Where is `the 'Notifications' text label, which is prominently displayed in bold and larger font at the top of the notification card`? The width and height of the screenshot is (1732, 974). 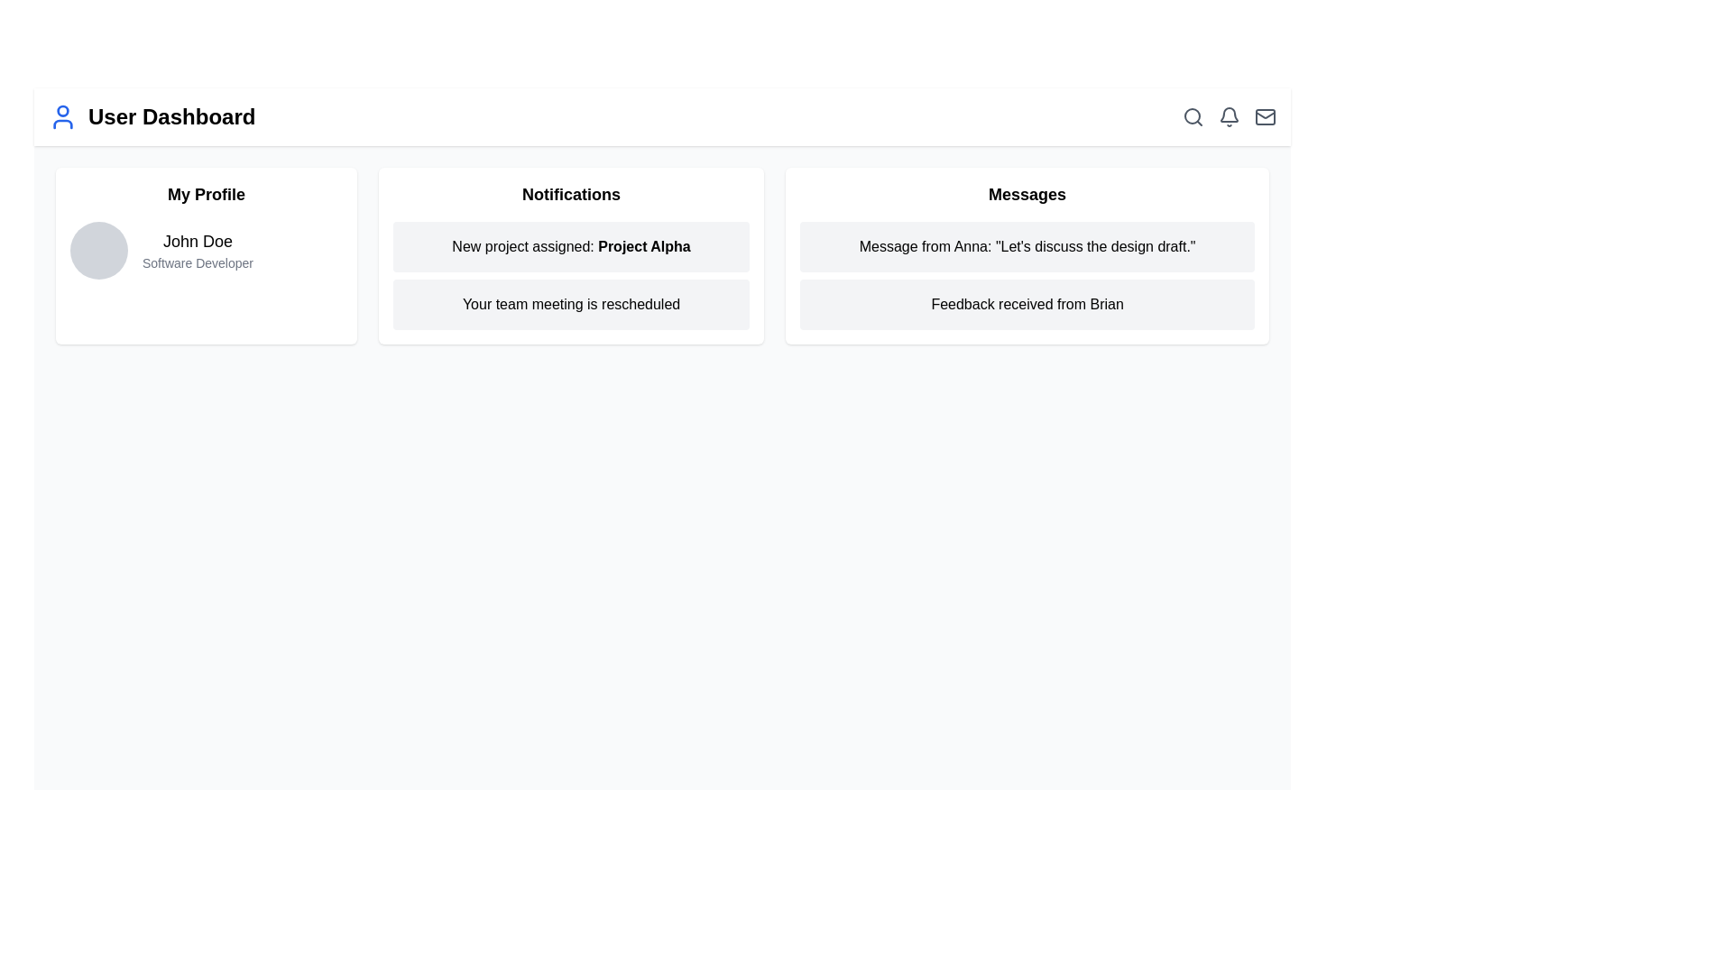
the 'Notifications' text label, which is prominently displayed in bold and larger font at the top of the notification card is located at coordinates (570, 195).